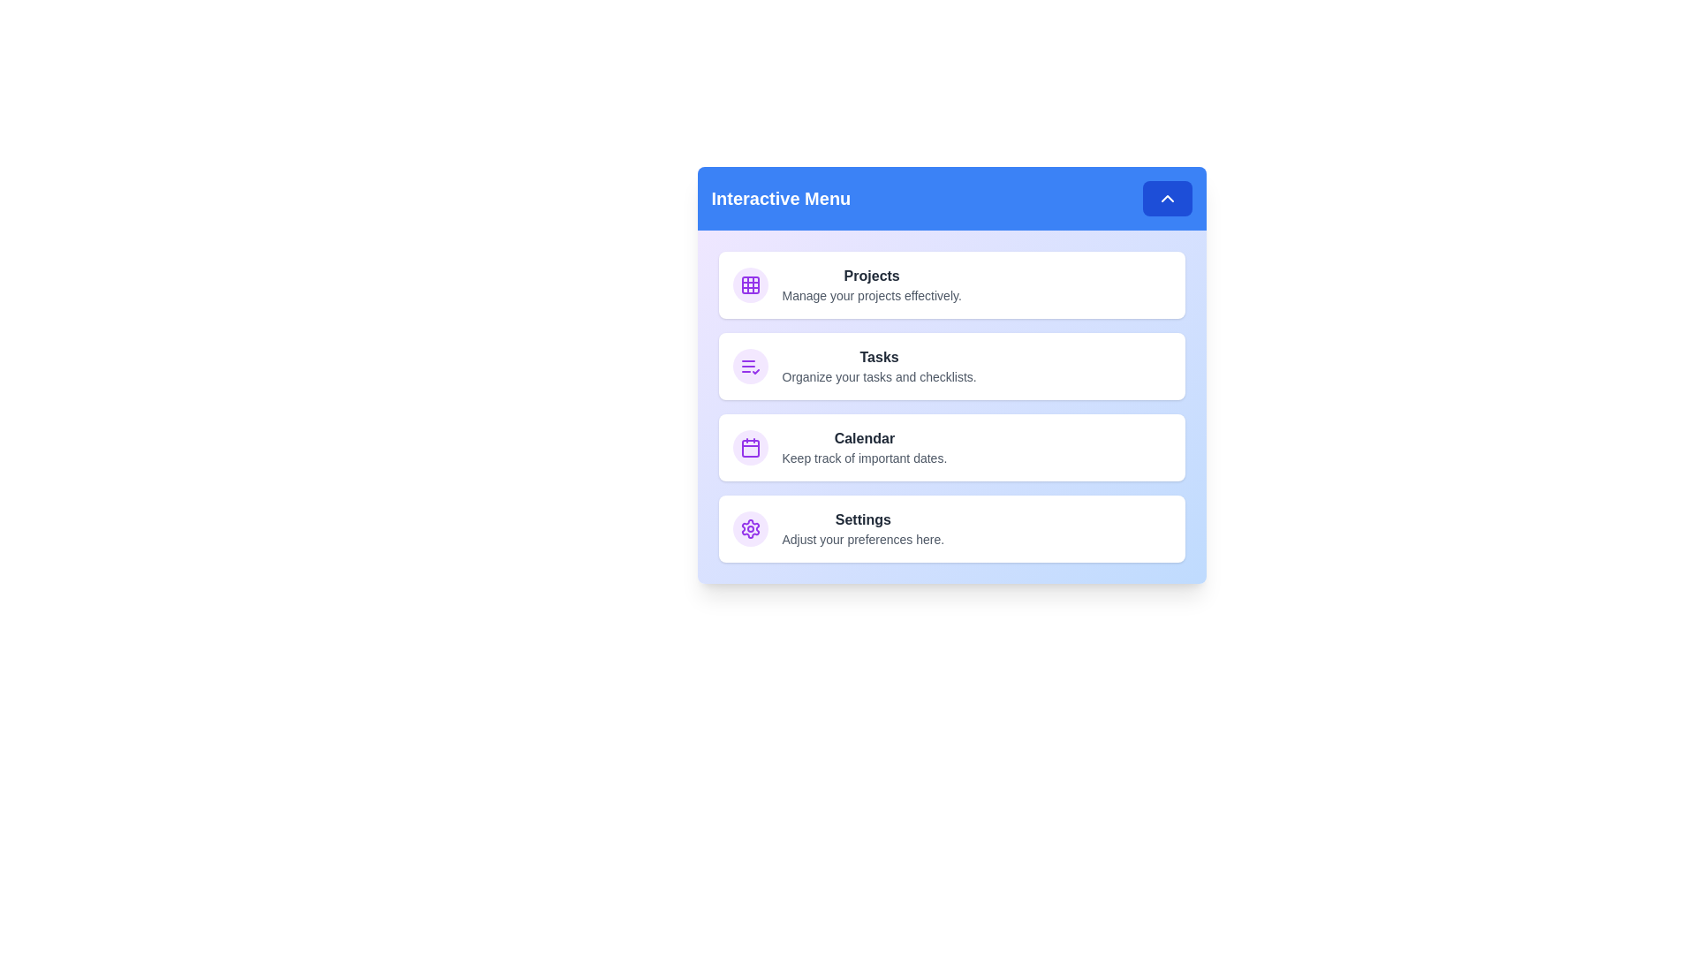 This screenshot has height=954, width=1696. I want to click on the menu item Calendar to display its hover state, so click(950, 446).